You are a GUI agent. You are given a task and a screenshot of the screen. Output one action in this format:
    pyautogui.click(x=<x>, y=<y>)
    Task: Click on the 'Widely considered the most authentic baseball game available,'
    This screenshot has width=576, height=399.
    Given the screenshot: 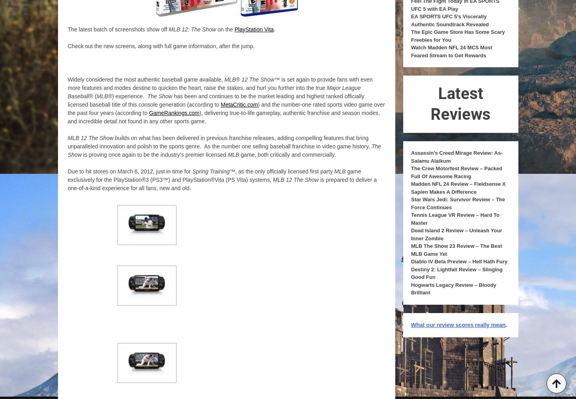 What is the action you would take?
    pyautogui.click(x=145, y=78)
    